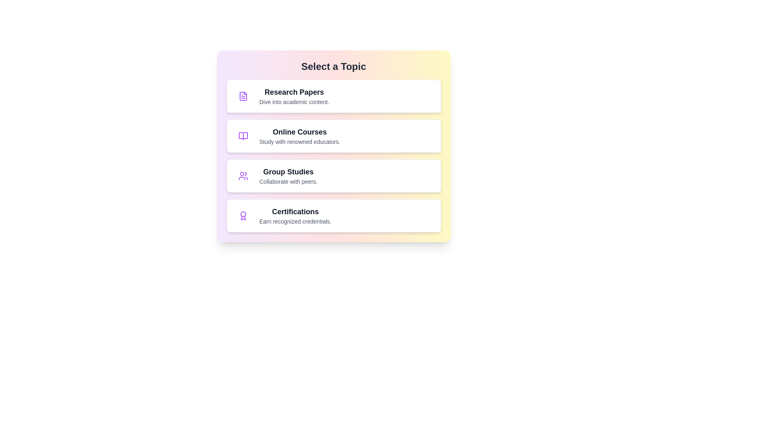  What do you see at coordinates (334, 175) in the screenshot?
I see `the topic item labeled Group Studies to select it` at bounding box center [334, 175].